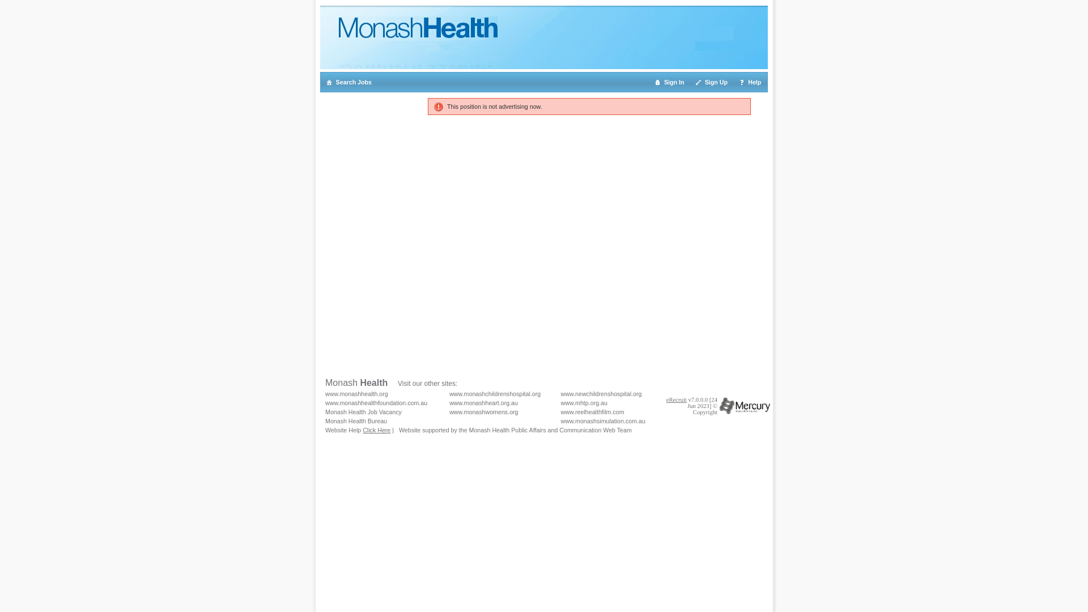 This screenshot has width=1088, height=612. Describe the element at coordinates (734, 82) in the screenshot. I see `'Help'` at that location.